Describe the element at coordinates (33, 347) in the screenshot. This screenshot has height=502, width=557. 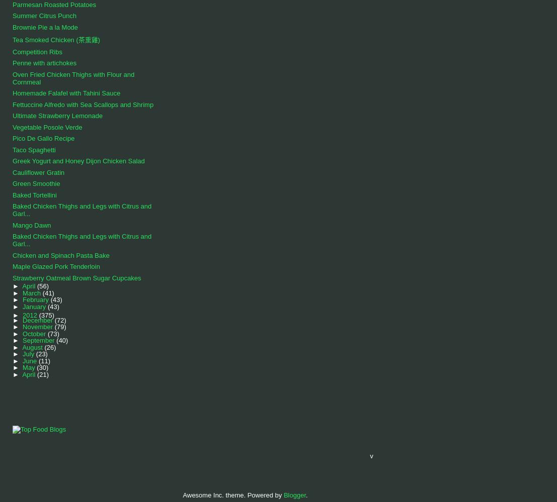
I see `'August'` at that location.